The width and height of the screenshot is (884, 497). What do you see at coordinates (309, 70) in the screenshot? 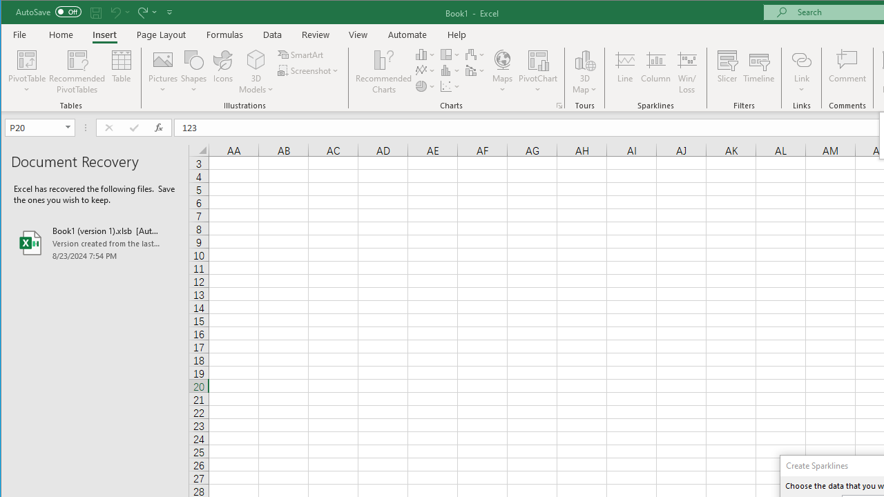
I see `'Screenshot'` at bounding box center [309, 70].